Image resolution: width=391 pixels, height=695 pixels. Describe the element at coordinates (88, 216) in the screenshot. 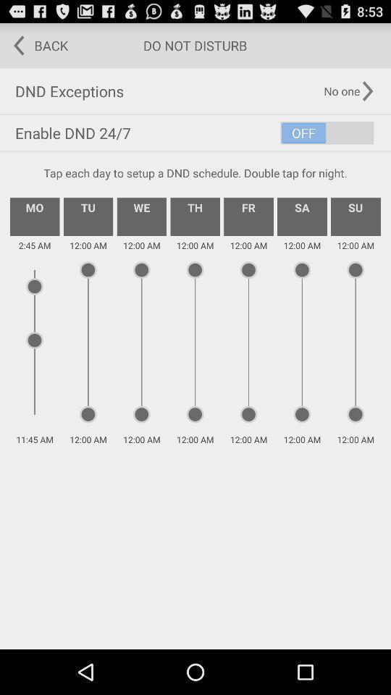

I see `the item to the right of the 2:45 am` at that location.